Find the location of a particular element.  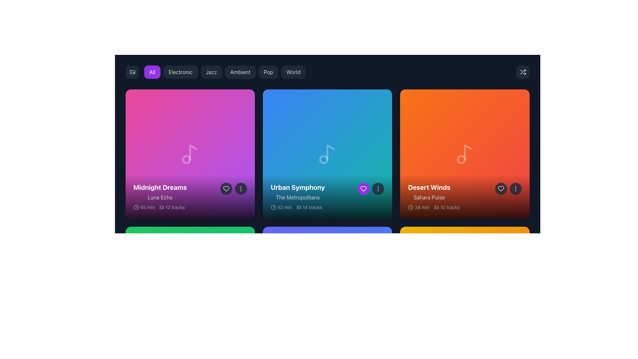

the fourth button labeled 'Ambient' in the navigation bar is located at coordinates (225, 72).